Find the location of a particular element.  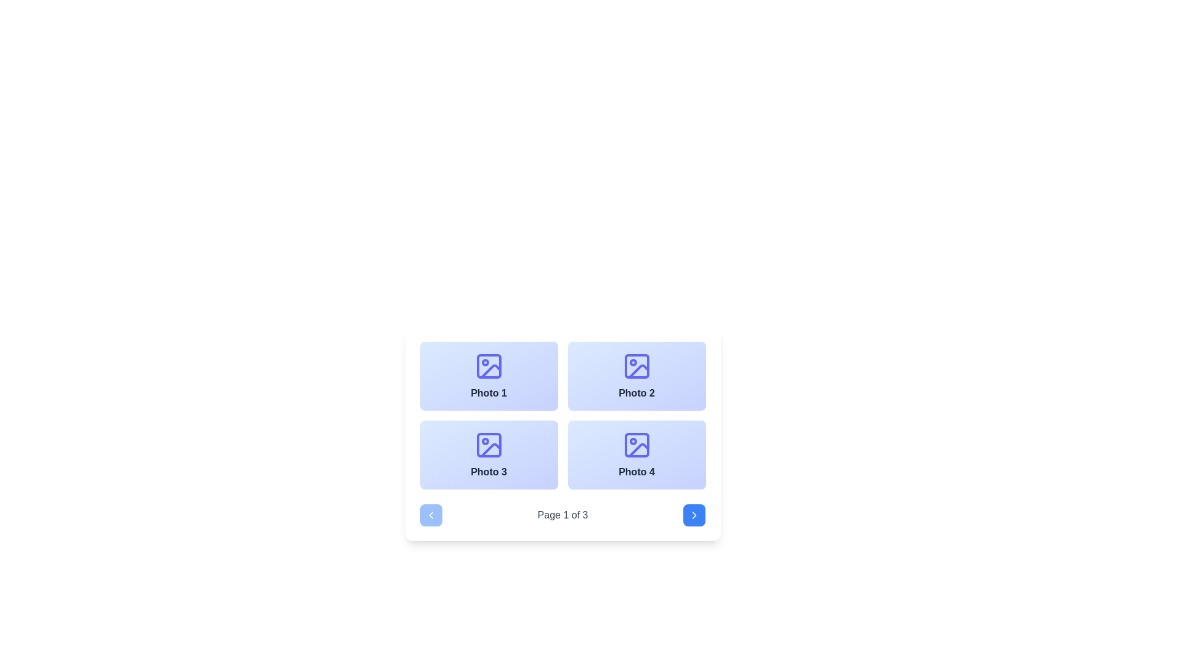

the text-based label displaying the current page number, which is styled with a plain gray font and located at the bottom center of the pagination section is located at coordinates (562, 515).